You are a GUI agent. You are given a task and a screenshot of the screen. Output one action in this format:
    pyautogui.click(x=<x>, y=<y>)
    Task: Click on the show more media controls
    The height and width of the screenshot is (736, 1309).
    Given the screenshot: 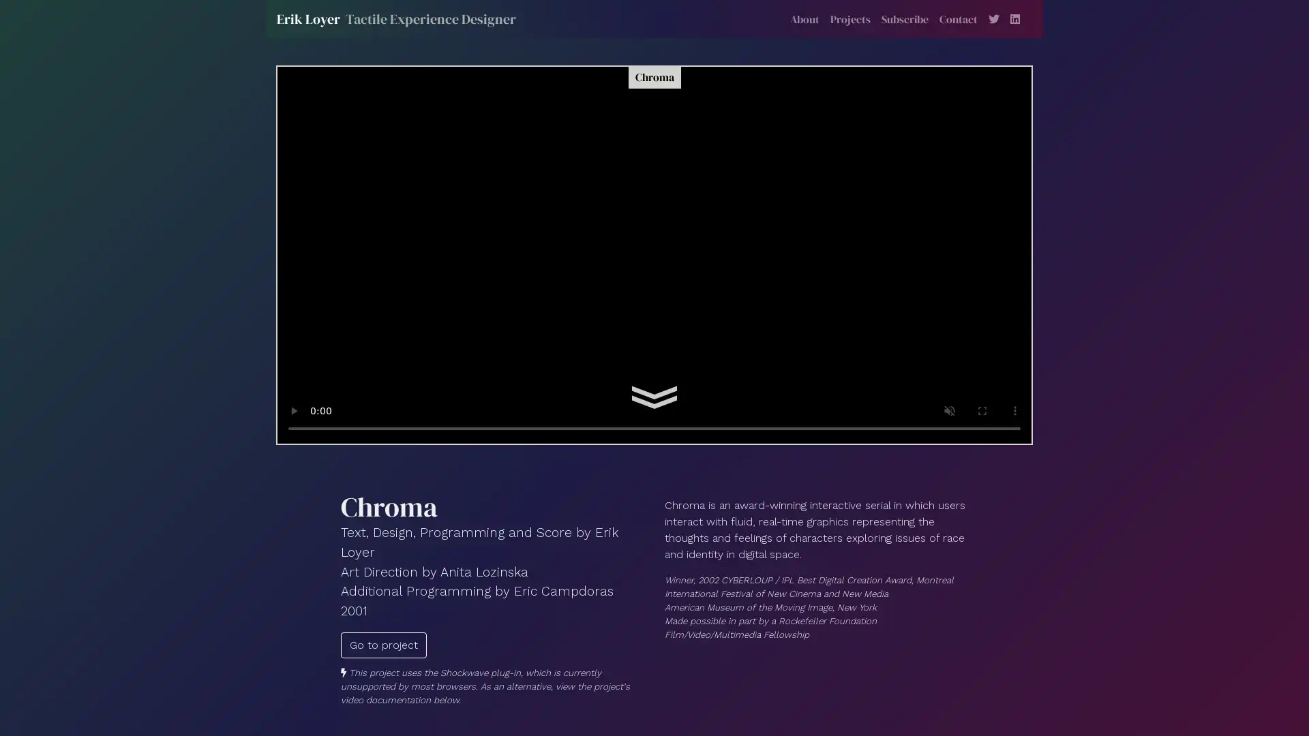 What is the action you would take?
    pyautogui.click(x=1014, y=410)
    